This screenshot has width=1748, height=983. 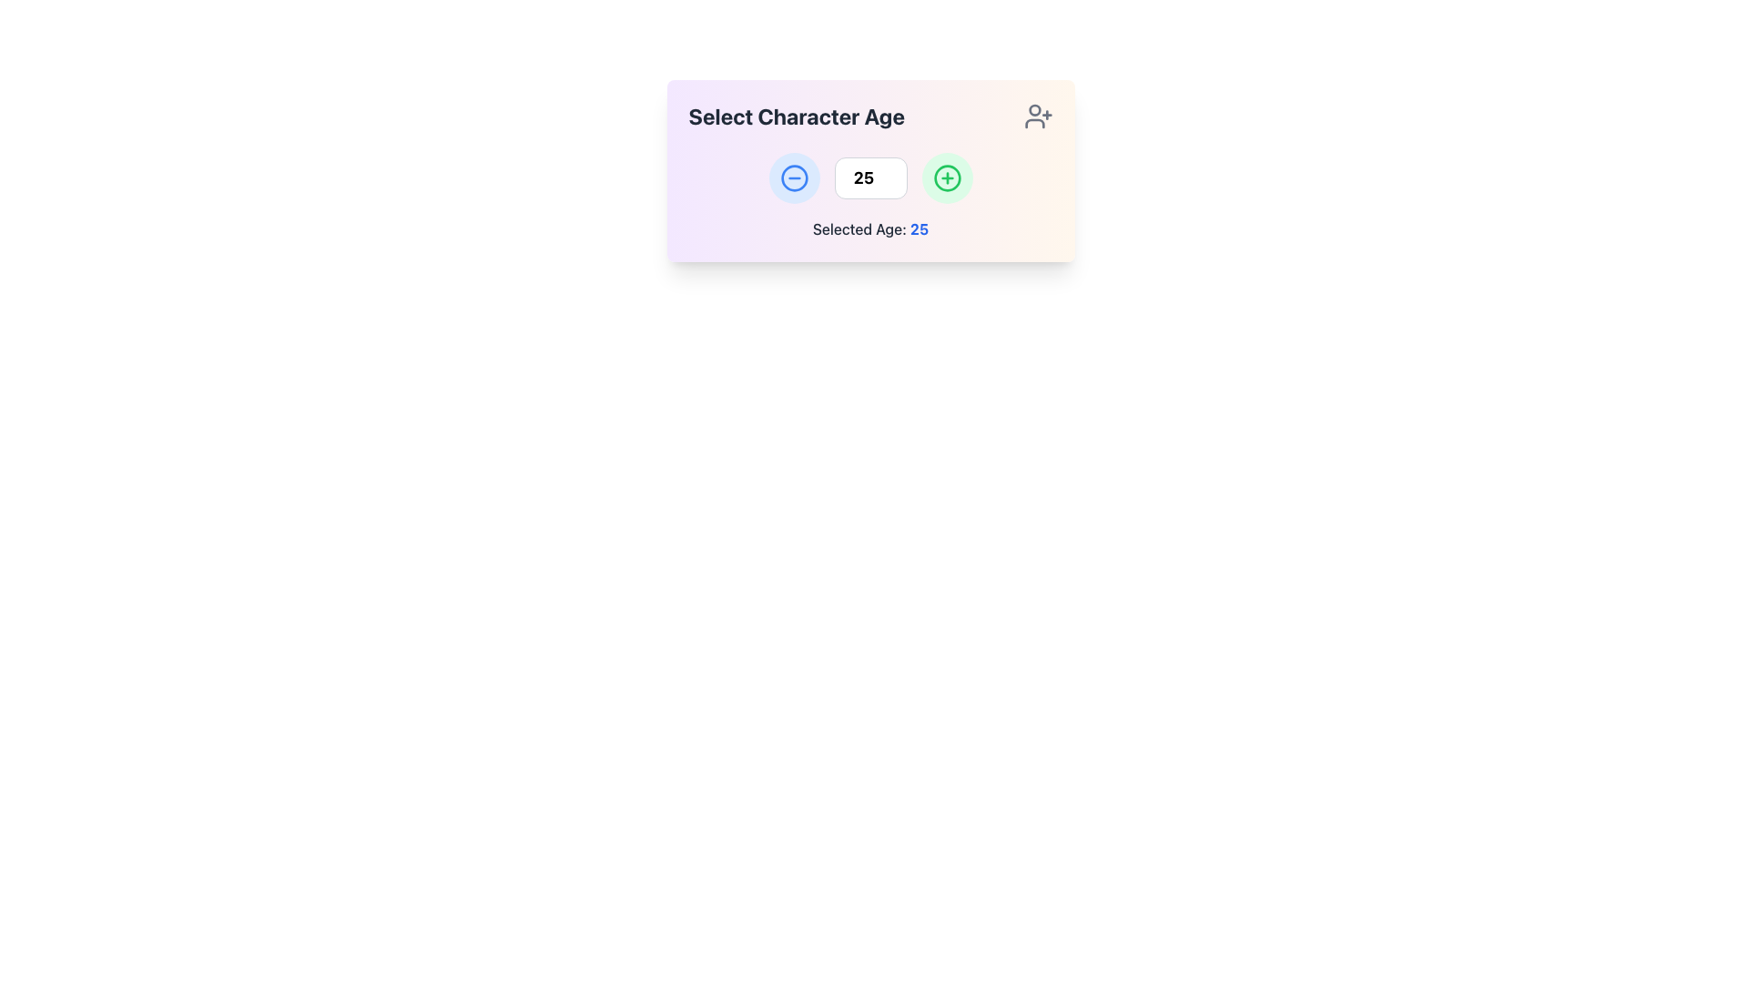 What do you see at coordinates (947, 178) in the screenshot?
I see `the increment button located in the bottom-right corner of the 'Select Character Age' card to increase the age value displayed in the adjacent box` at bounding box center [947, 178].